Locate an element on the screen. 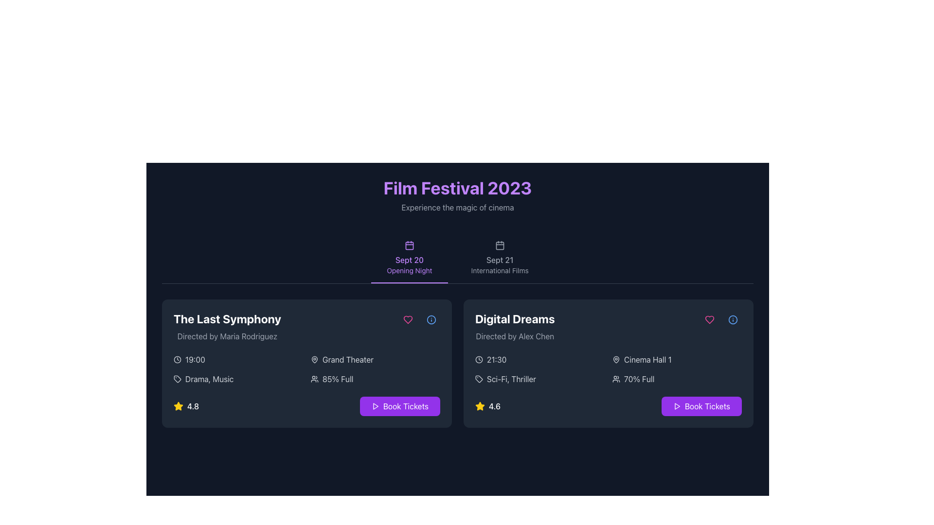 The image size is (934, 525). the Rating star icon located on the right side of the comparison row for the movie 'Digital Dreams' to interact with it is located at coordinates (480, 406).